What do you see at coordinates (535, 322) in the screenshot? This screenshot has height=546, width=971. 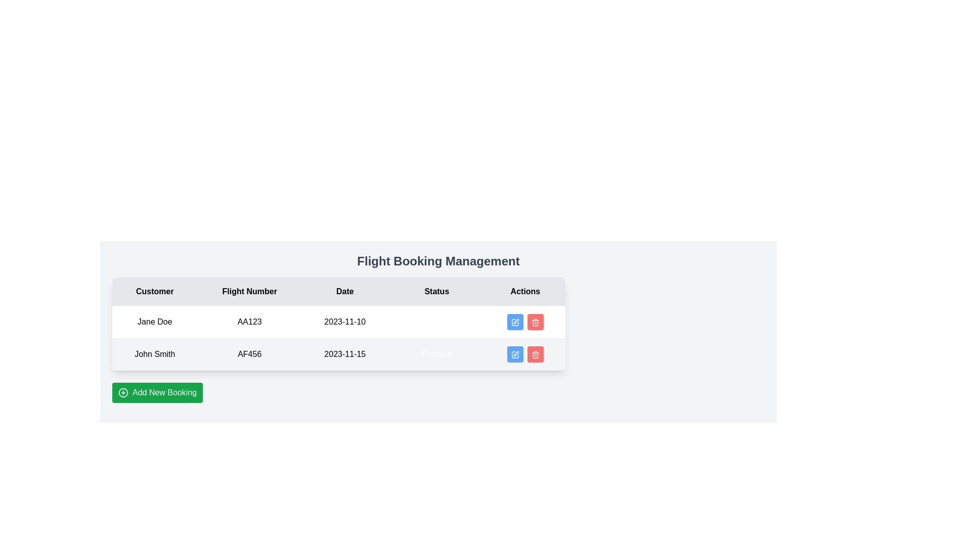 I see `the trash bin icon with a red background located in the Actions column of the table, next to the blue edit icon` at bounding box center [535, 322].